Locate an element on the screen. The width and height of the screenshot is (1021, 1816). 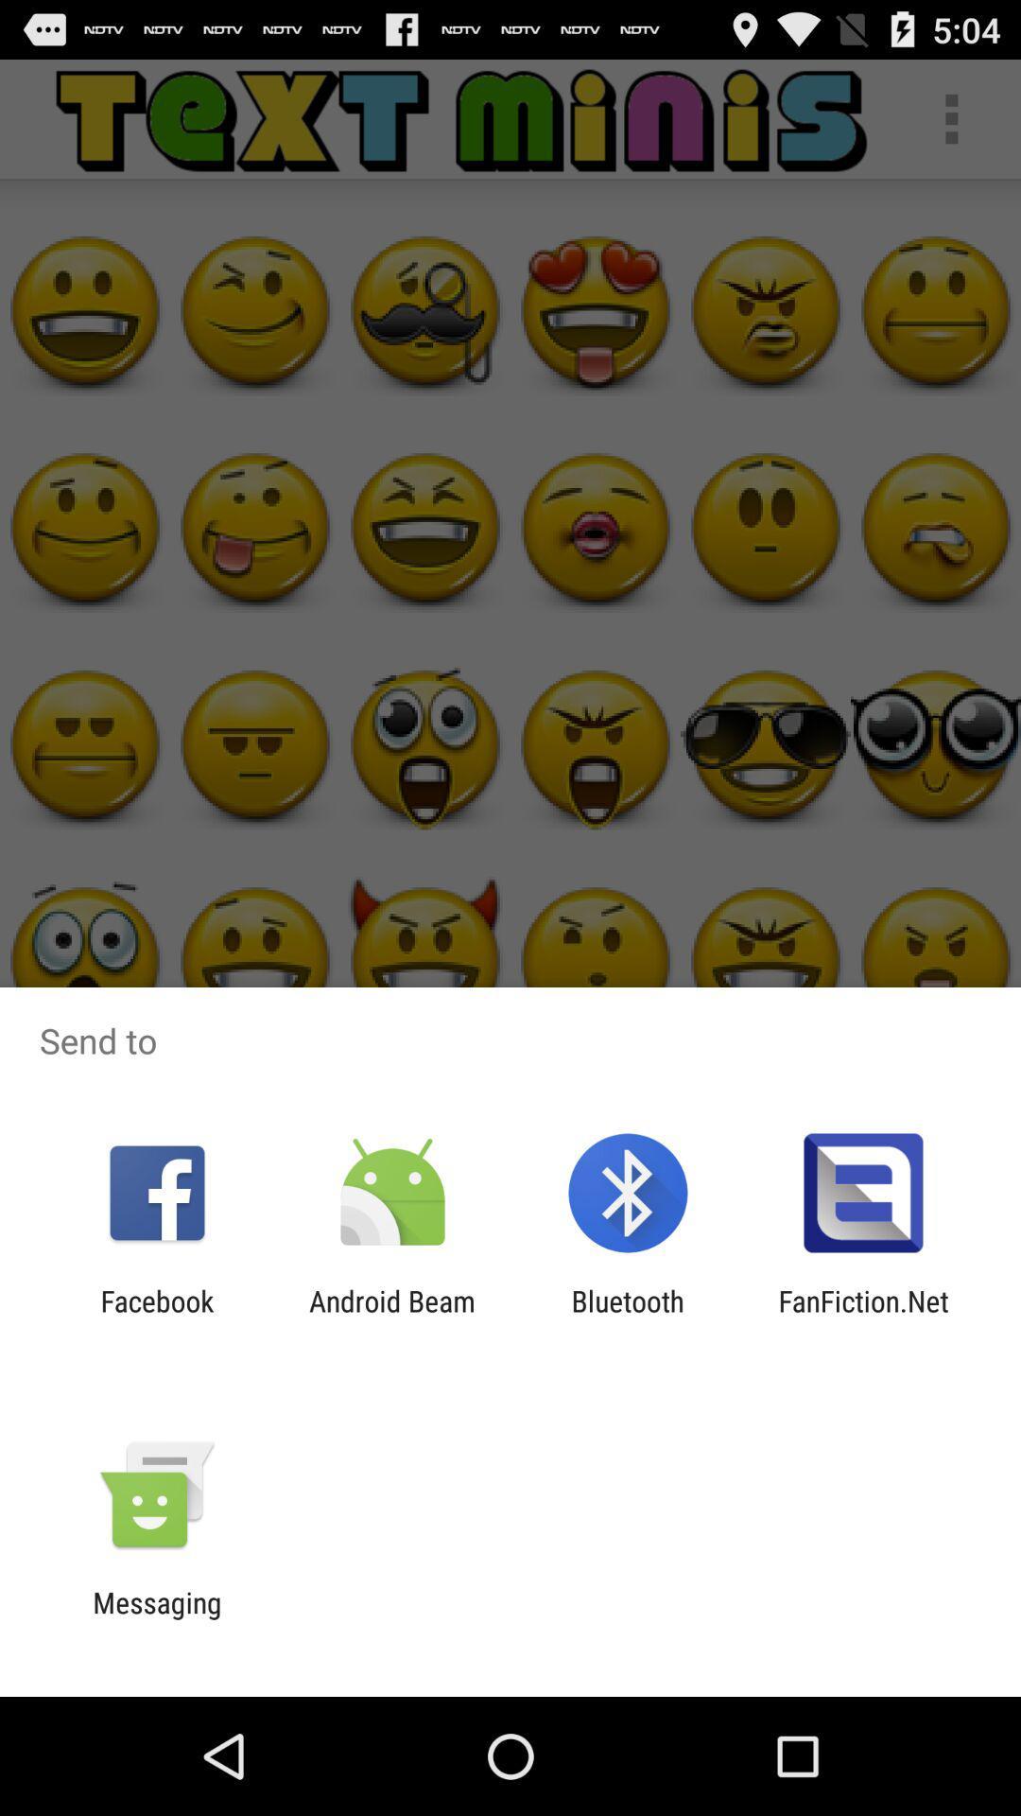
android beam item is located at coordinates (391, 1317).